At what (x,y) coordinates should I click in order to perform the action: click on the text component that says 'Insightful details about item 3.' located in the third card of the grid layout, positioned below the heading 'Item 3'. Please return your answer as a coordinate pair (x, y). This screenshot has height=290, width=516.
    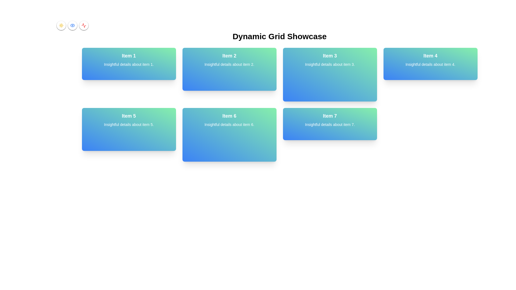
    Looking at the image, I should click on (329, 64).